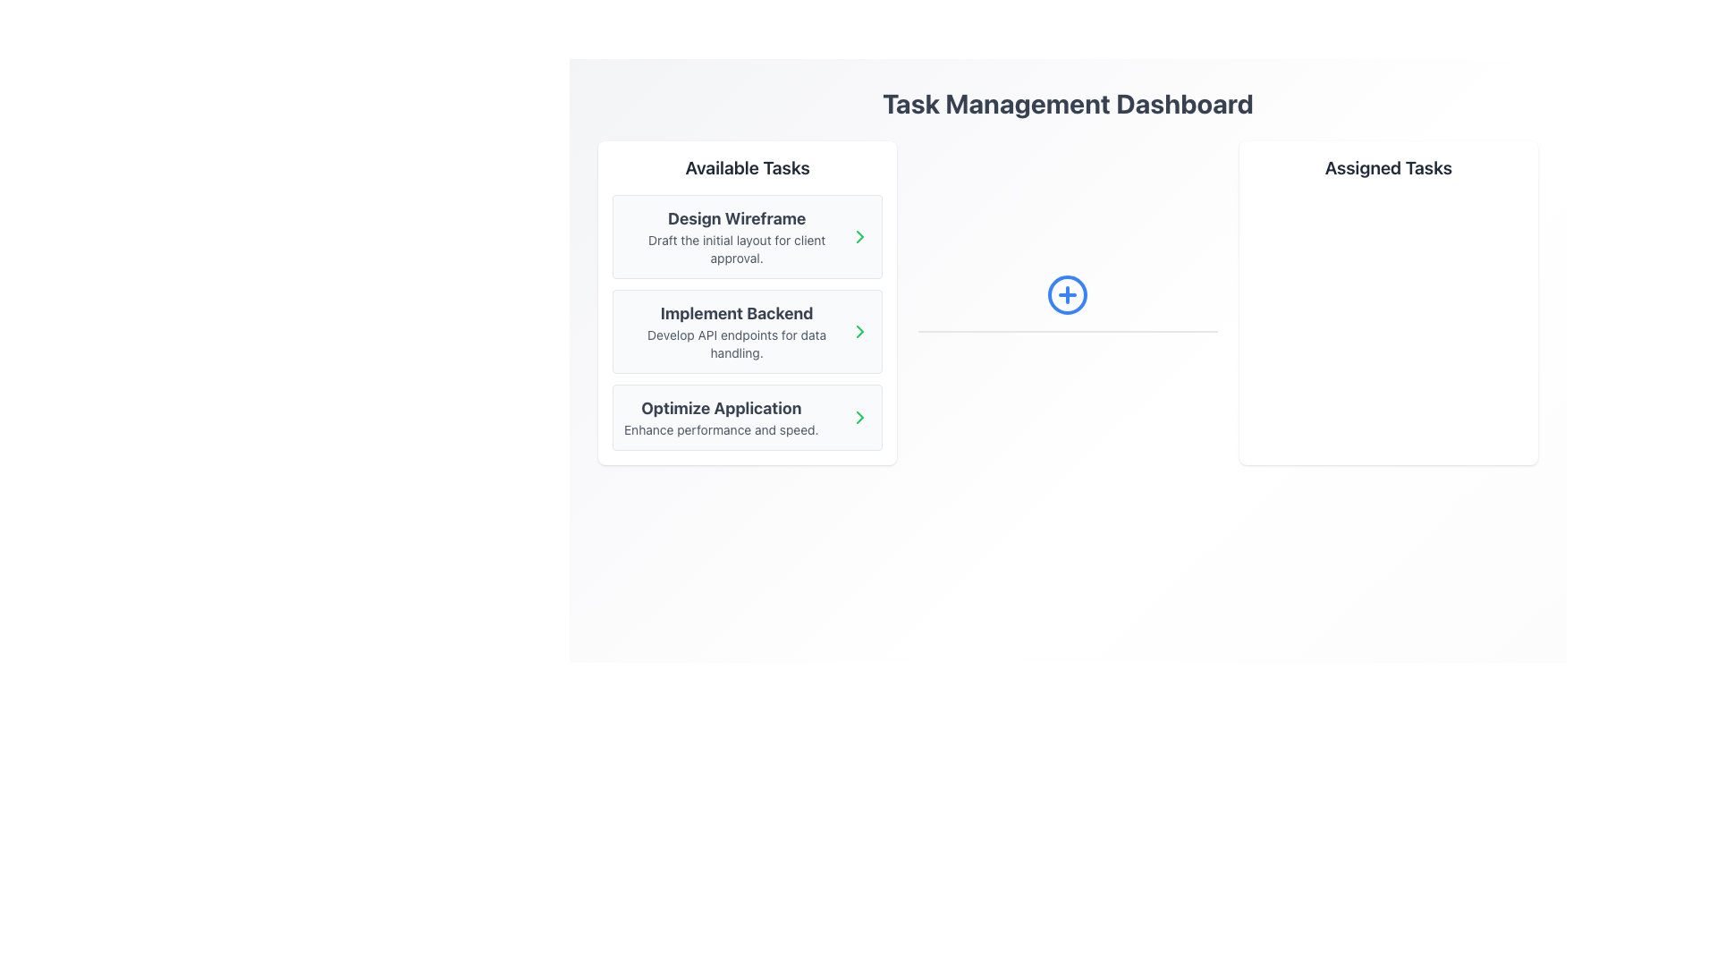 The height and width of the screenshot is (966, 1717). Describe the element at coordinates (748, 417) in the screenshot. I see `the Clickable List Item labeled 'Optimize Application'` at that location.